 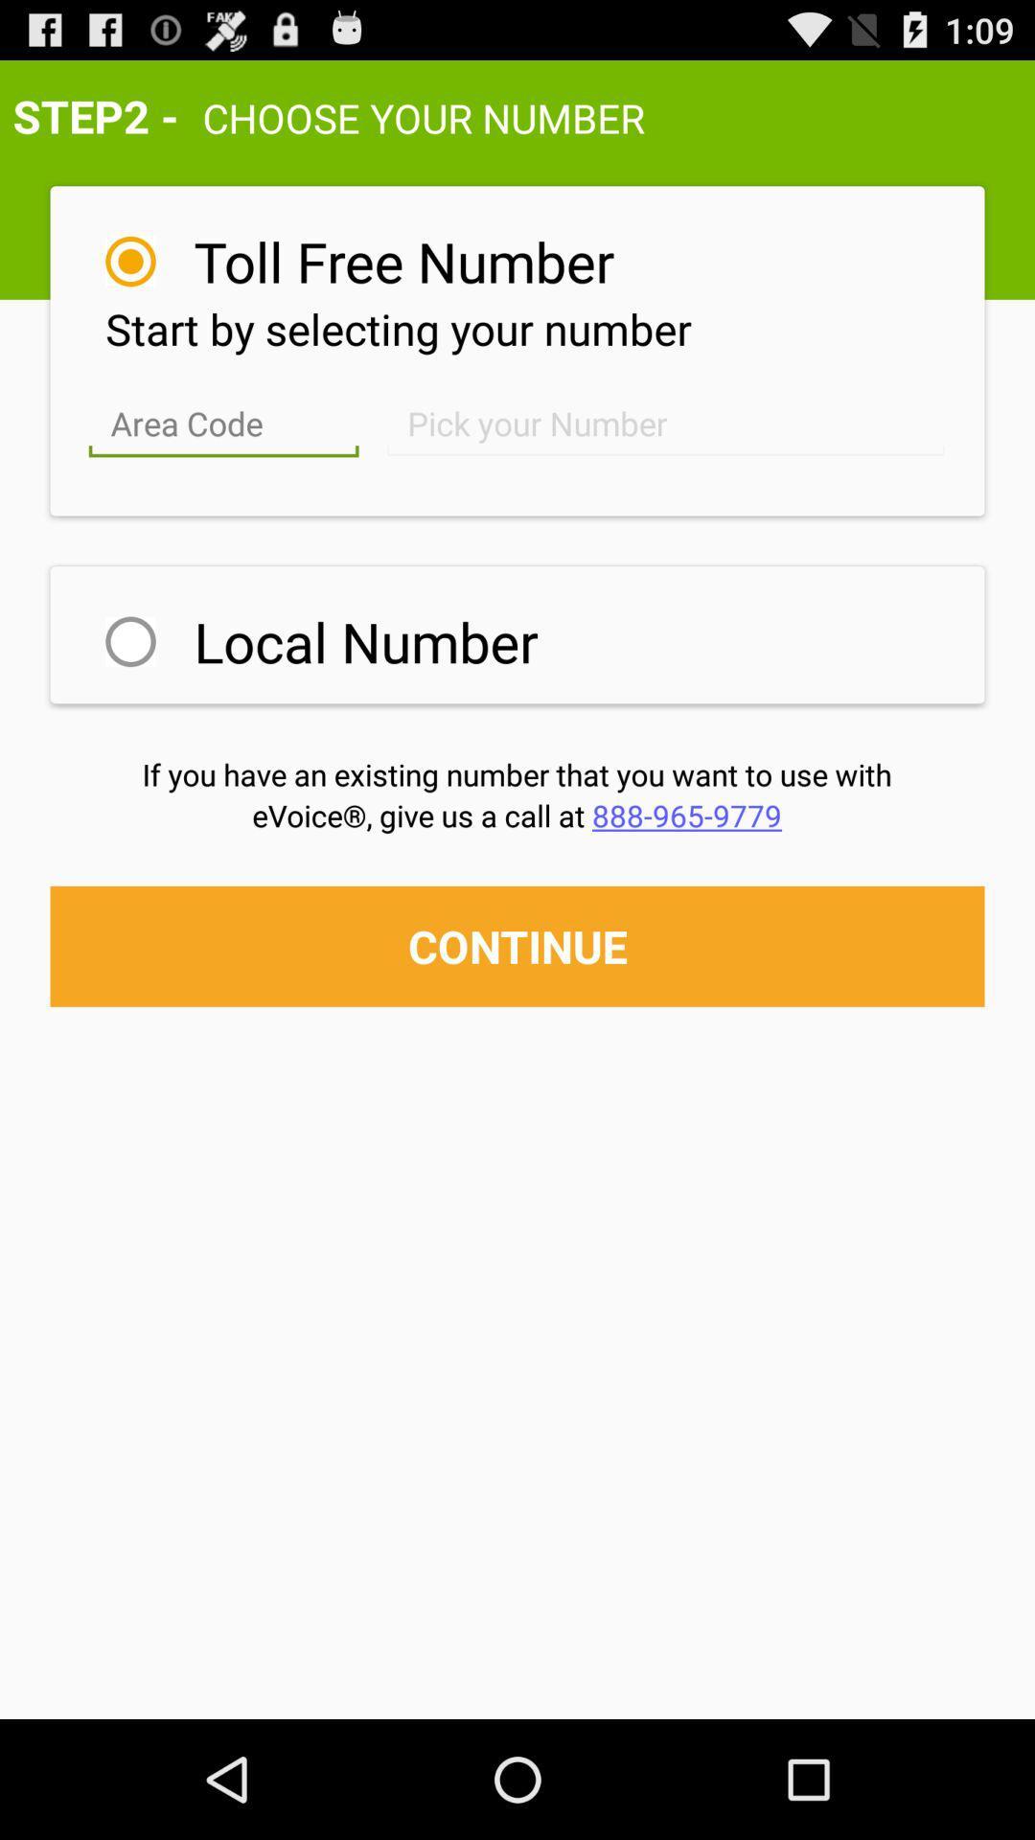 I want to click on item above if you have icon, so click(x=366, y=641).